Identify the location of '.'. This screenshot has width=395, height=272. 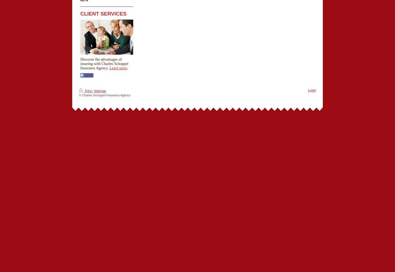
(127, 67).